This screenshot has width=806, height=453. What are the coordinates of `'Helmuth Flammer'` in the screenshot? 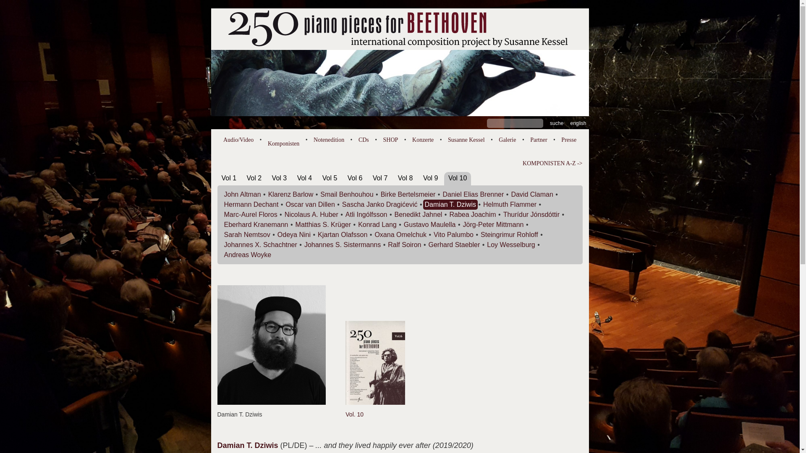 It's located at (509, 204).